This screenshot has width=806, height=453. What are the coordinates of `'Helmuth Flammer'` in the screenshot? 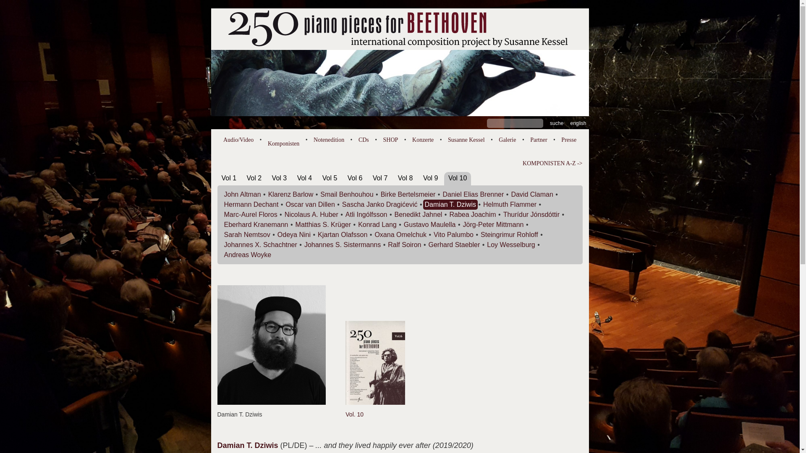 It's located at (509, 204).